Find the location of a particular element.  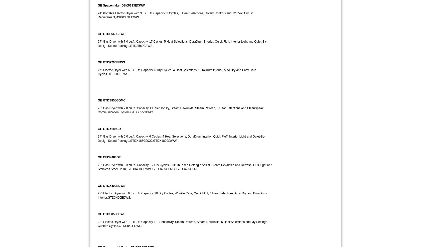

'GE GTDS560GFWS' is located at coordinates (111, 34).